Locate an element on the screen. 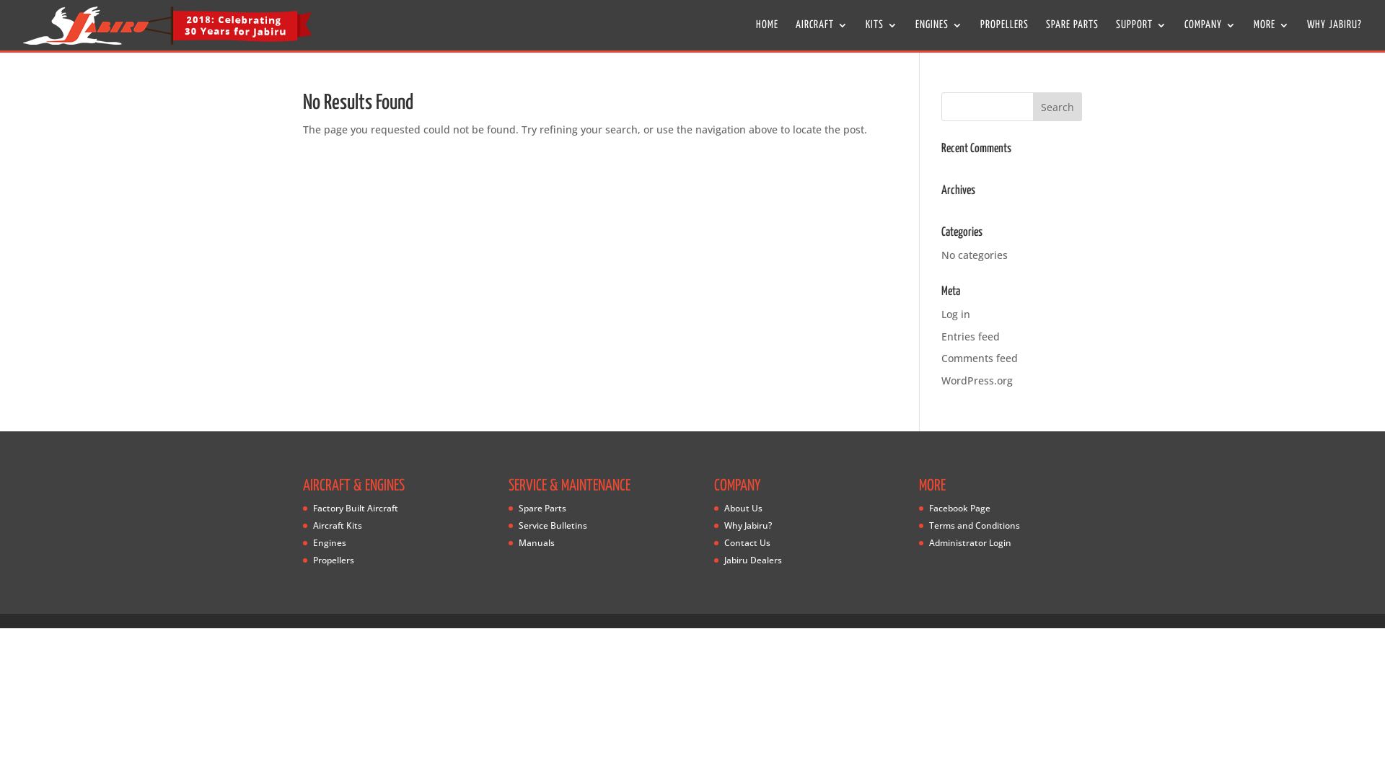 The width and height of the screenshot is (1385, 779). 'AIRCRAFT' is located at coordinates (822, 35).